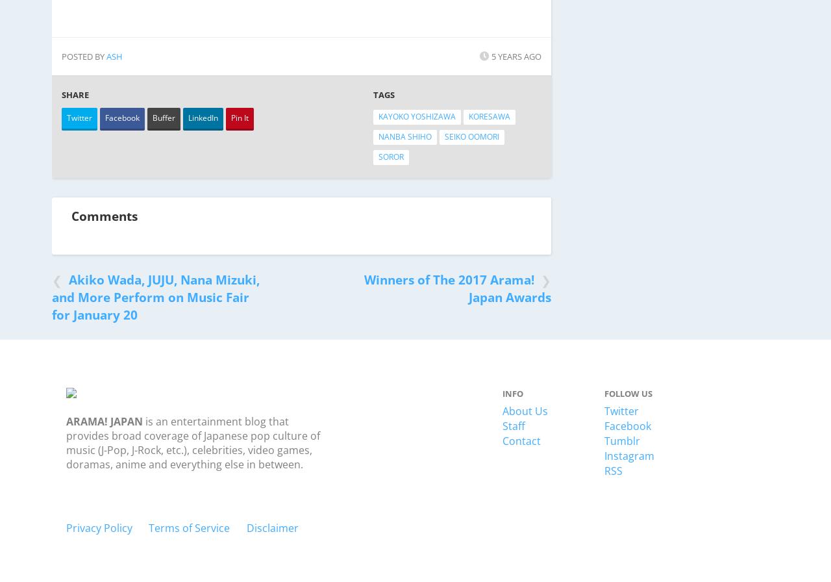 This screenshot has width=831, height=582. I want to click on 'About Us', so click(525, 411).